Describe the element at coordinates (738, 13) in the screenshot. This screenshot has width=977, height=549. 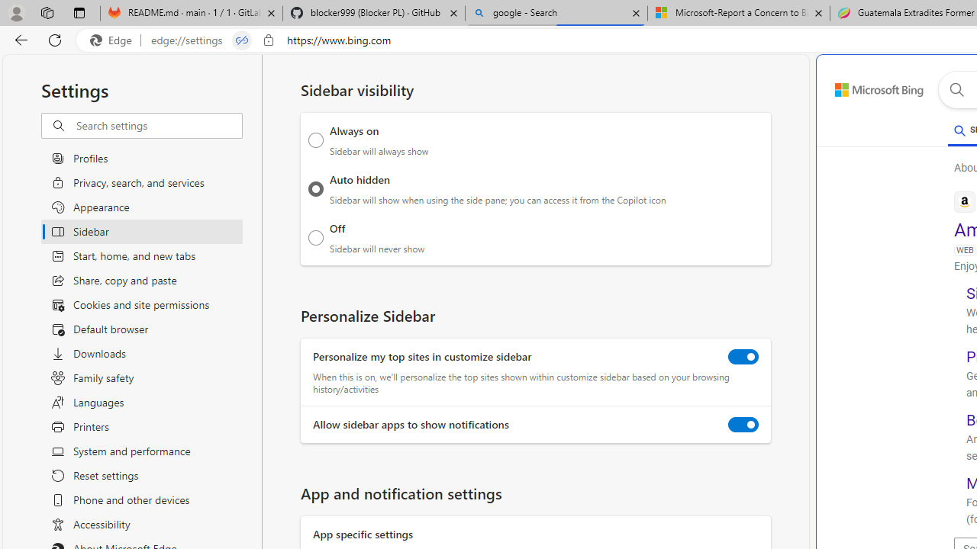
I see `'Microsoft-Report a Concern to Bing'` at that location.